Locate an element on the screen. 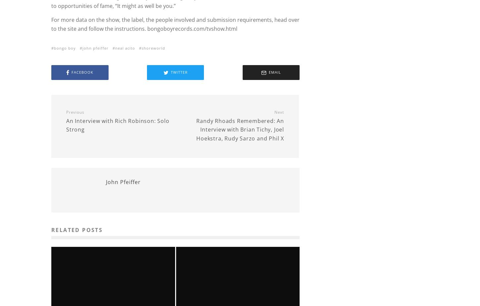 The width and height of the screenshot is (480, 306). 'Email' is located at coordinates (274, 72).